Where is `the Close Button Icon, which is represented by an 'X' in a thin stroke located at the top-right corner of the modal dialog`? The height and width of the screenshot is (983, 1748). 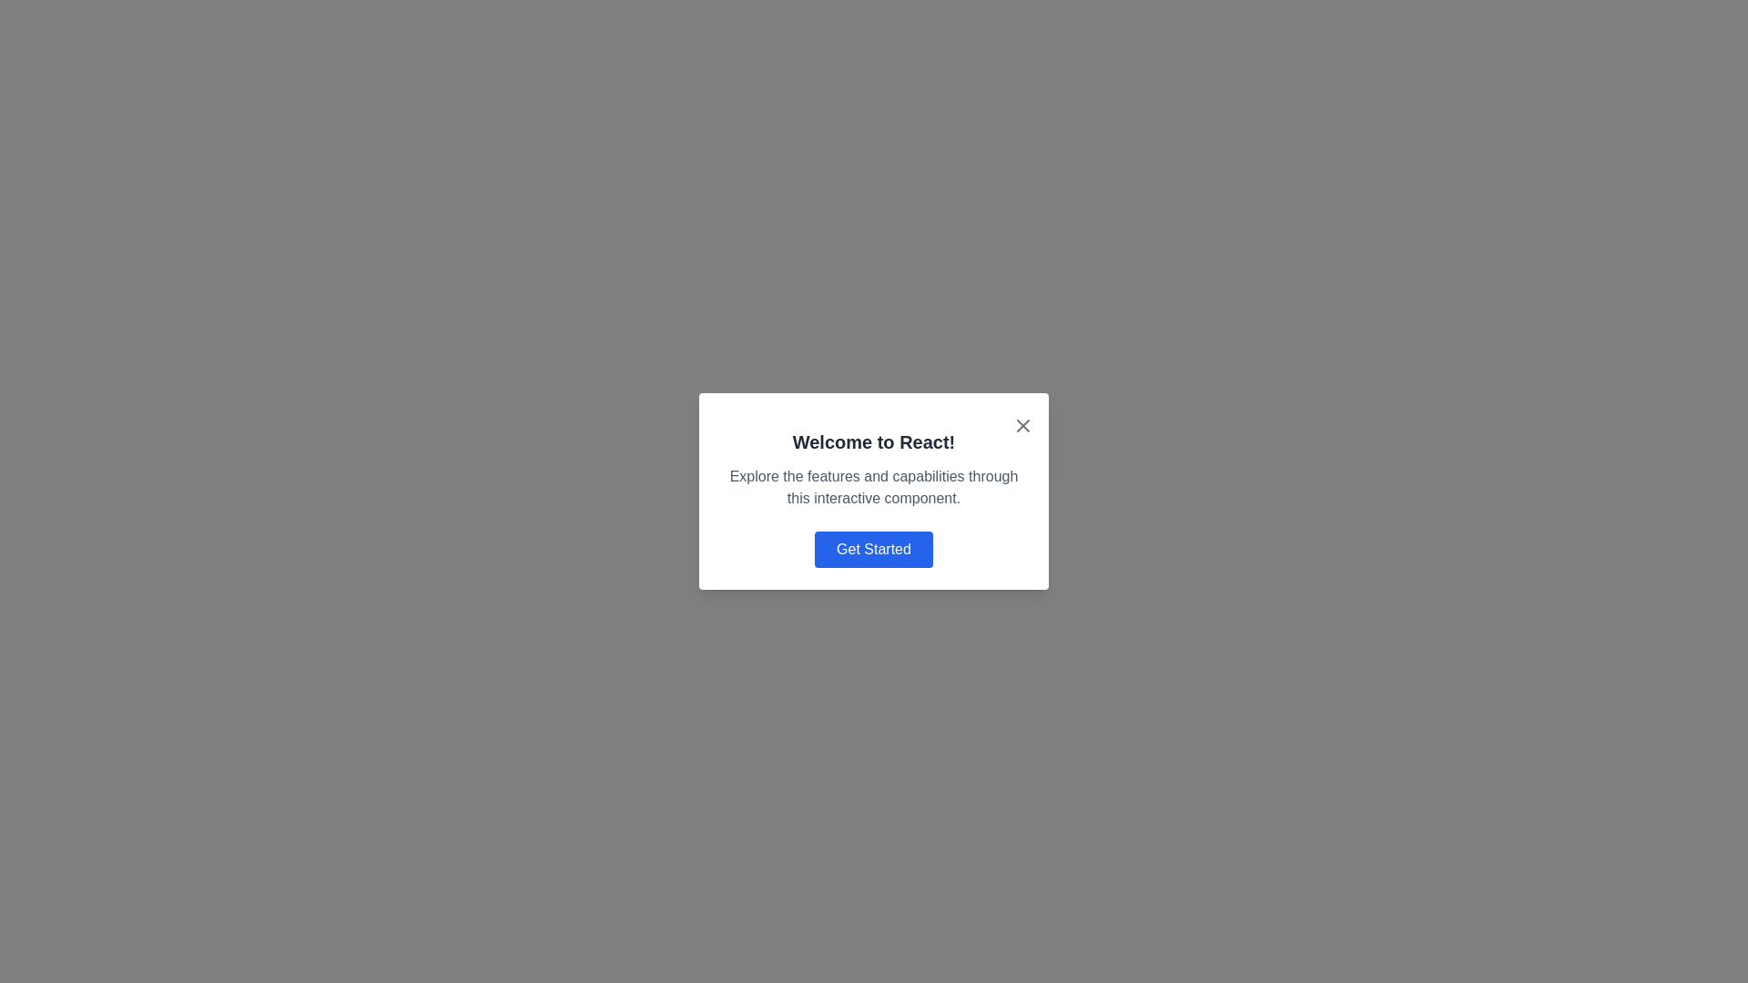
the Close Button Icon, which is represented by an 'X' in a thin stroke located at the top-right corner of the modal dialog is located at coordinates (1022, 425).